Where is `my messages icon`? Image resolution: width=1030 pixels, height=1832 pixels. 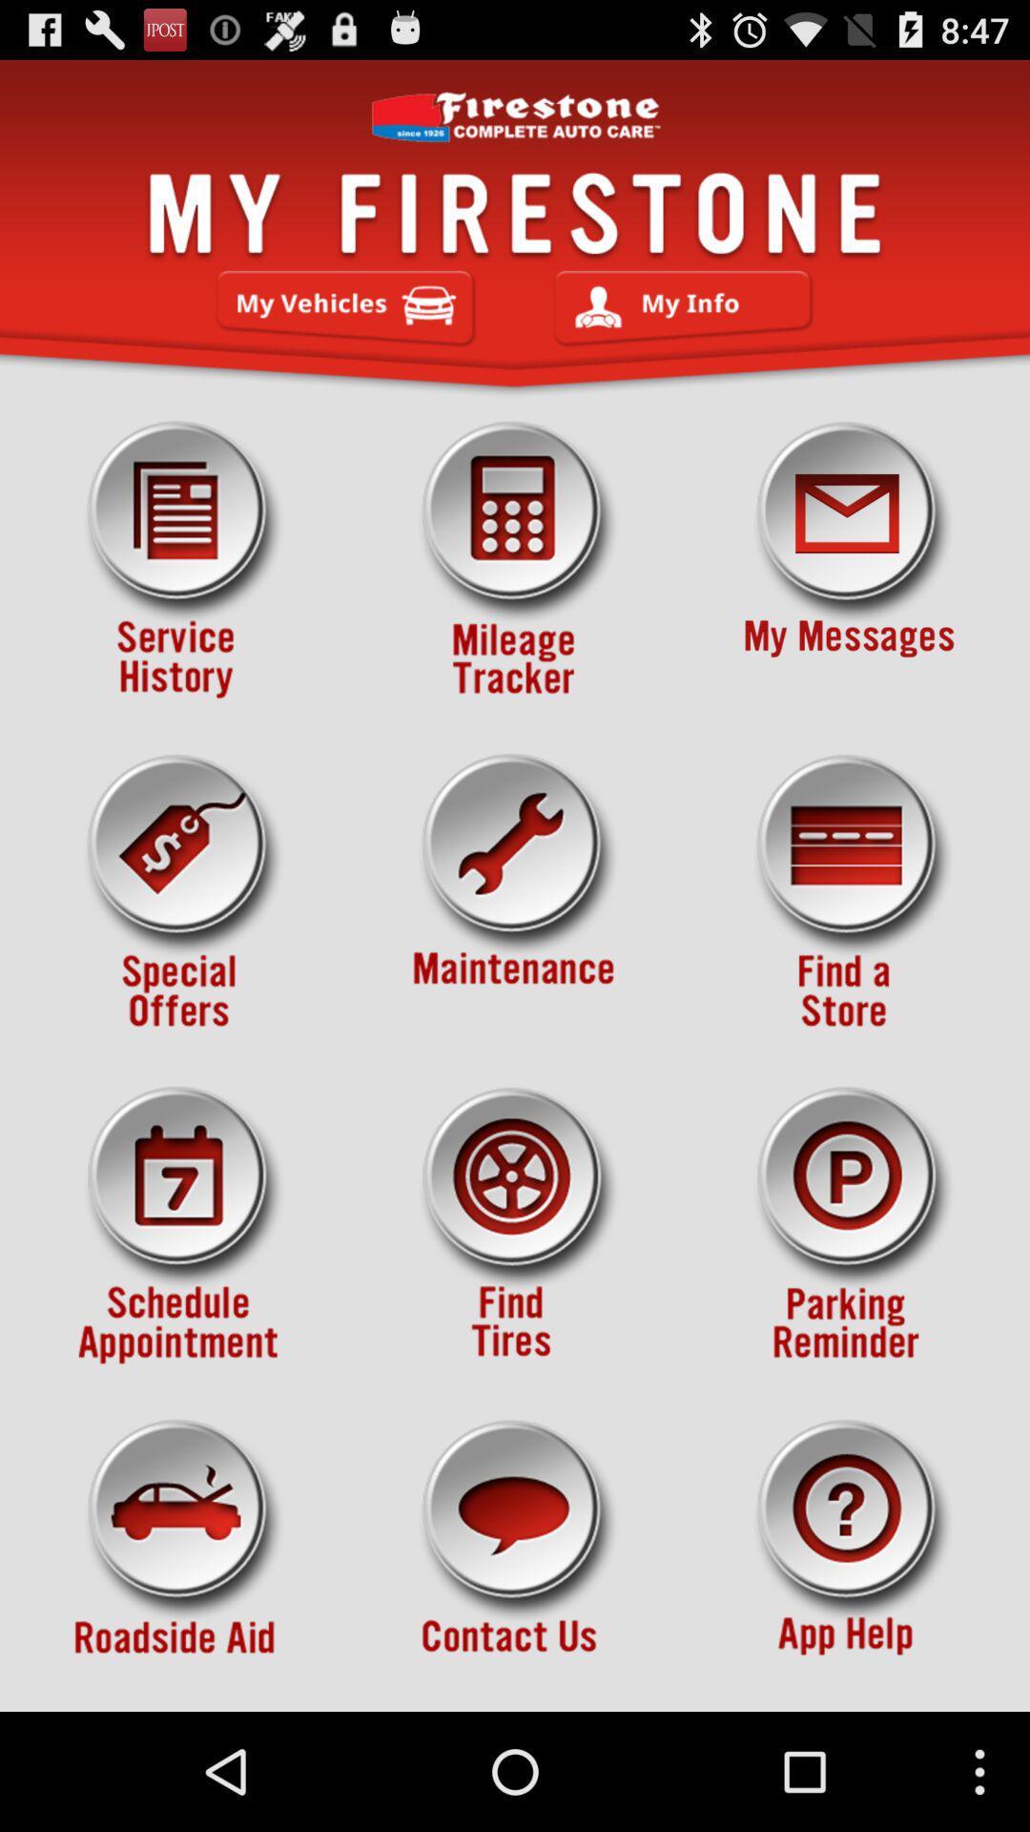 my messages icon is located at coordinates (849, 559).